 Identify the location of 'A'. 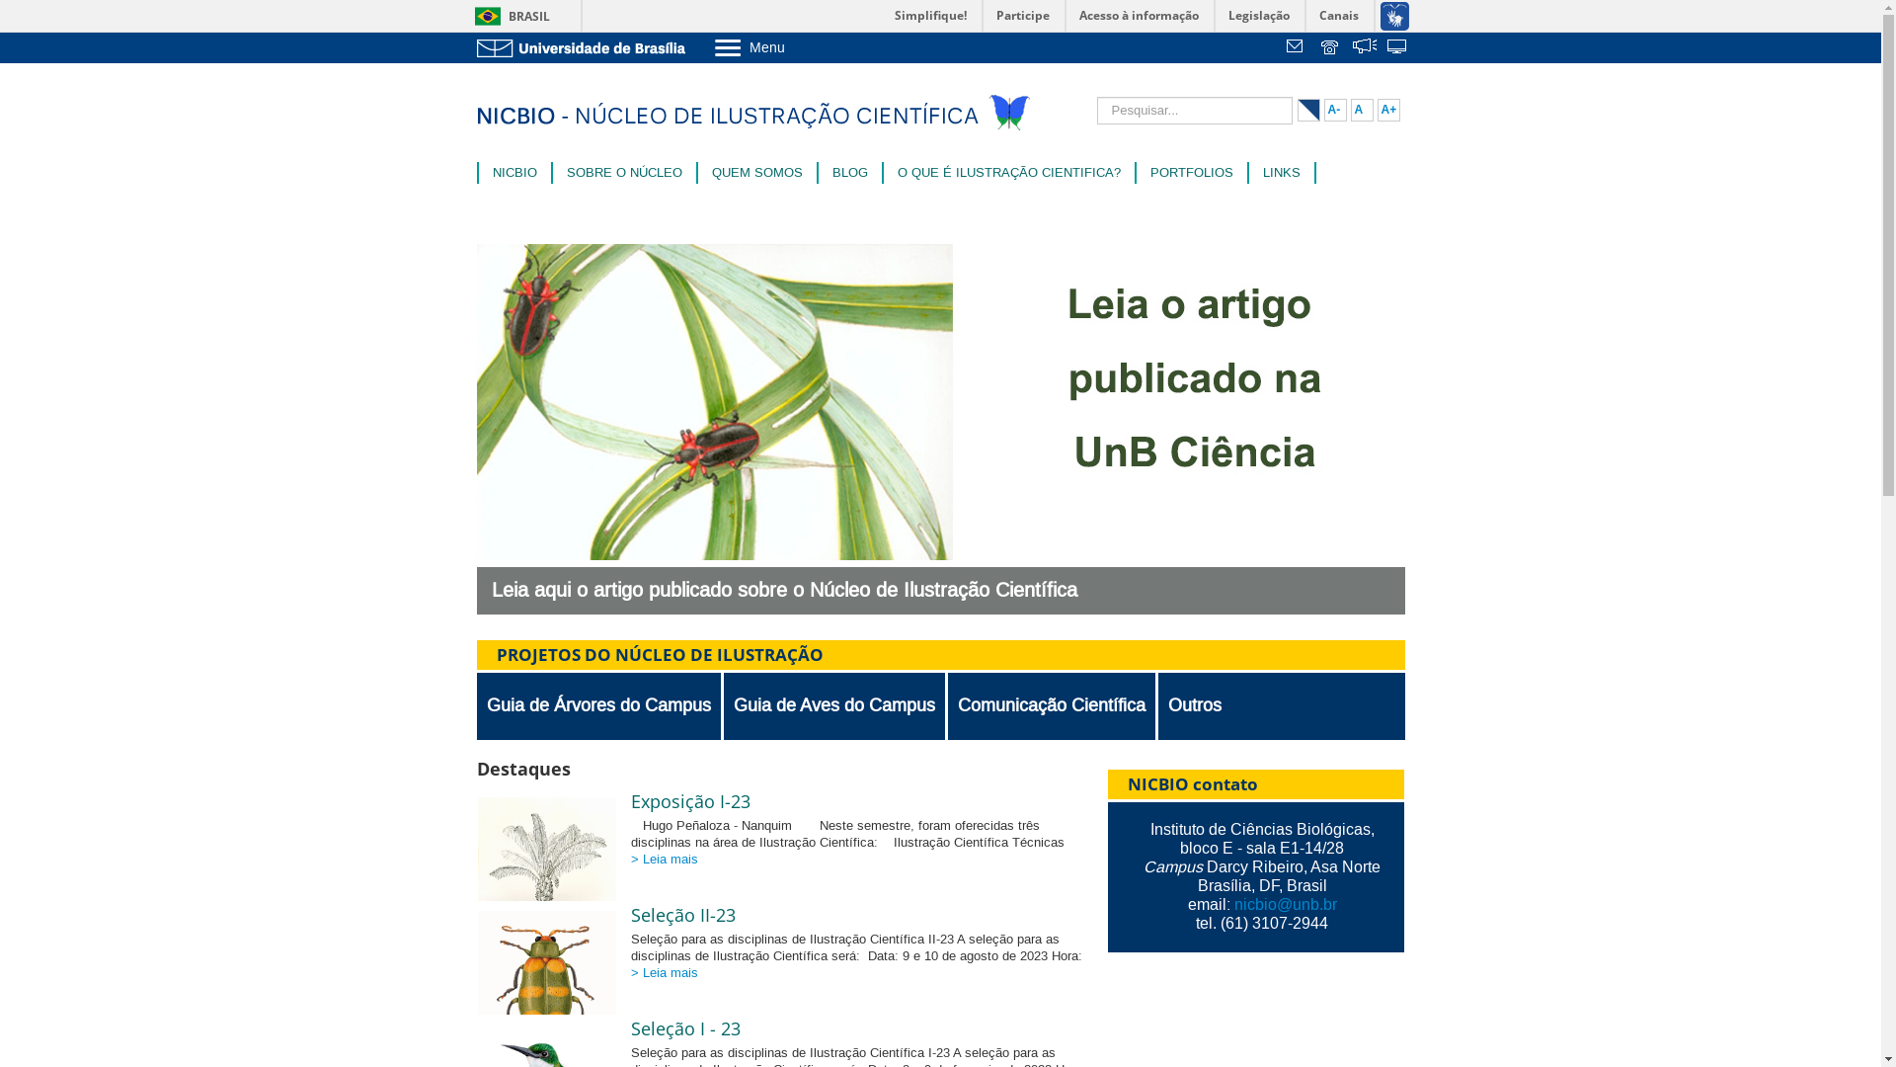
(1361, 110).